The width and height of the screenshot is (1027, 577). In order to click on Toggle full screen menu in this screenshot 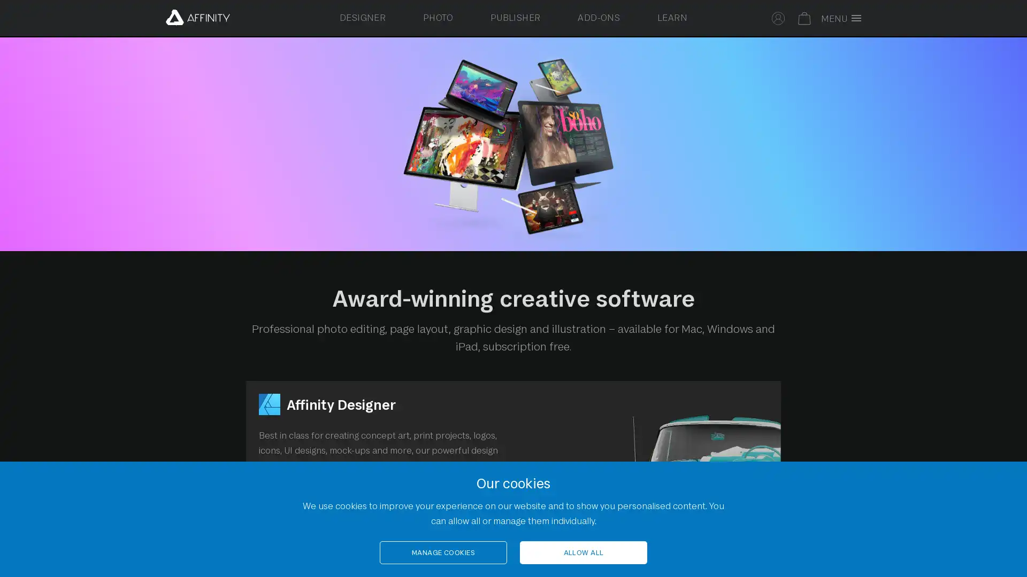, I will do `click(844, 18)`.